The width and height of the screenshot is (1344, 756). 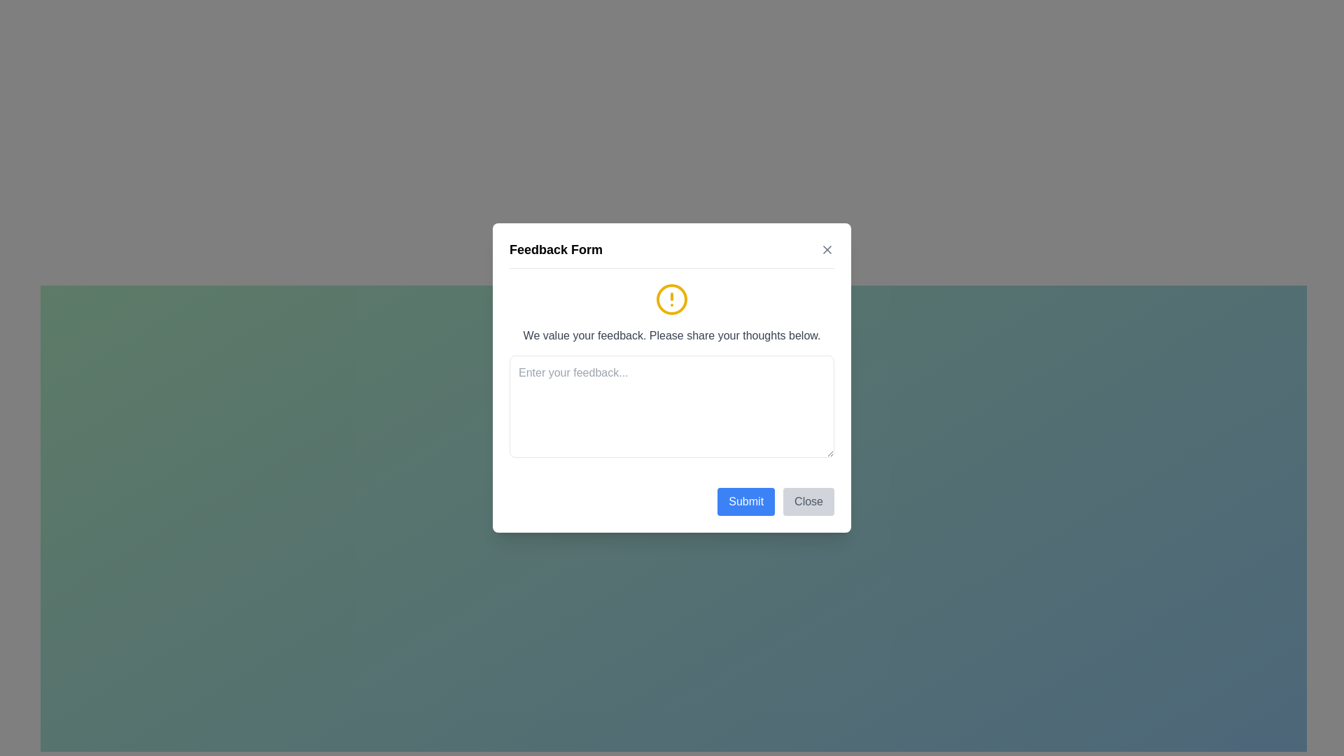 What do you see at coordinates (672, 299) in the screenshot?
I see `the yellow circular warning sign icon with an exclamation mark, which is located above the feedback text in the modal` at bounding box center [672, 299].